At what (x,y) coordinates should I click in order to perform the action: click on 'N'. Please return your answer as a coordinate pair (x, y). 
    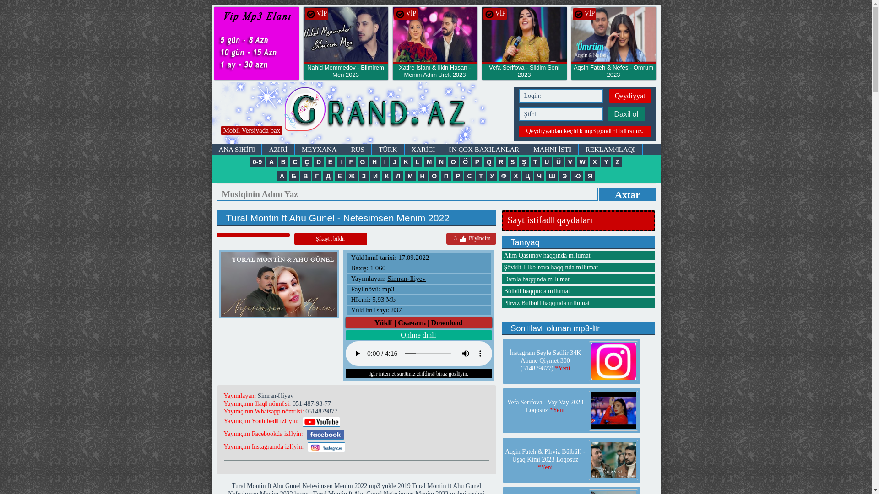
    Looking at the image, I should click on (441, 161).